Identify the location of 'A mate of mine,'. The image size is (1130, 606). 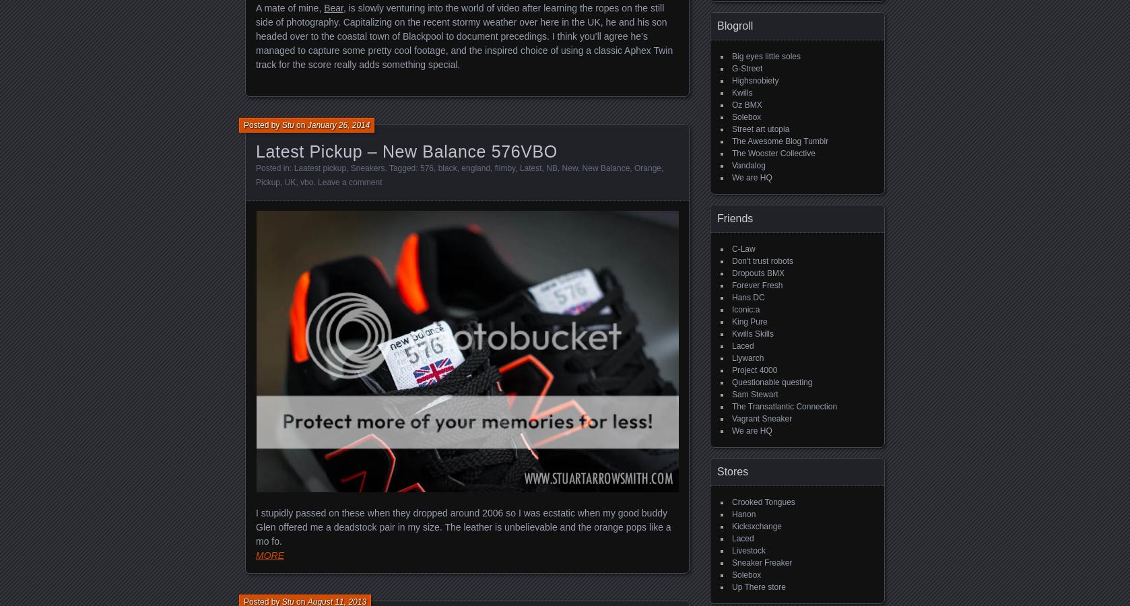
(289, 7).